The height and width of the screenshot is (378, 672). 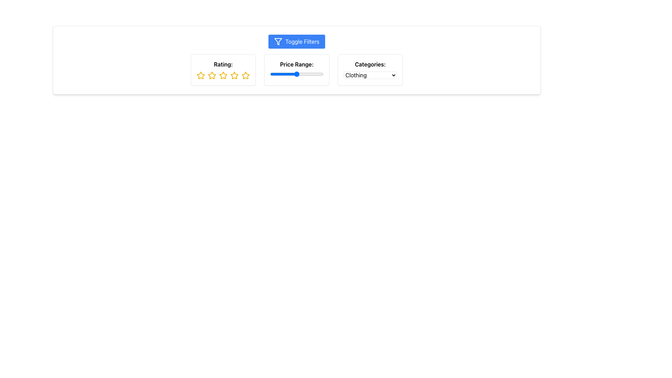 What do you see at coordinates (295, 74) in the screenshot?
I see `the price range slider` at bounding box center [295, 74].